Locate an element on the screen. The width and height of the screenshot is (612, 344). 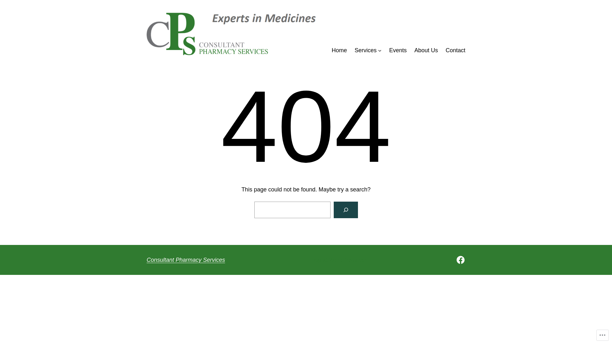
'Consultant Pharmacy Services' is located at coordinates (185, 260).